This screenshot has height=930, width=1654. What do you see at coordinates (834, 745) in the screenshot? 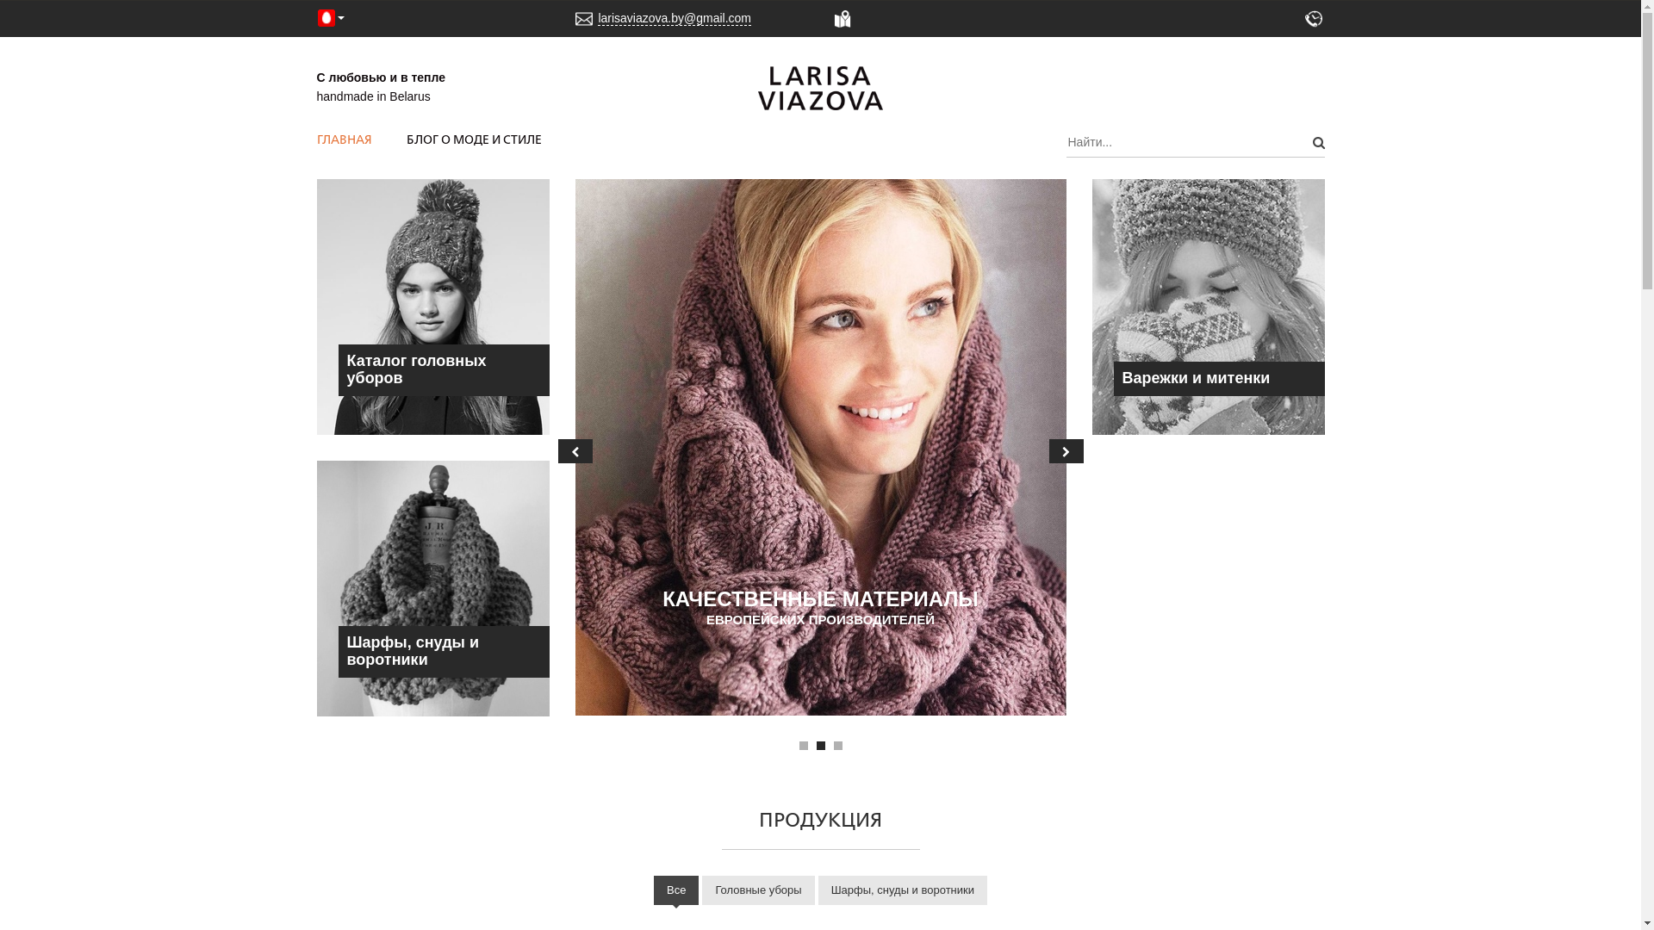
I see `'3'` at bounding box center [834, 745].